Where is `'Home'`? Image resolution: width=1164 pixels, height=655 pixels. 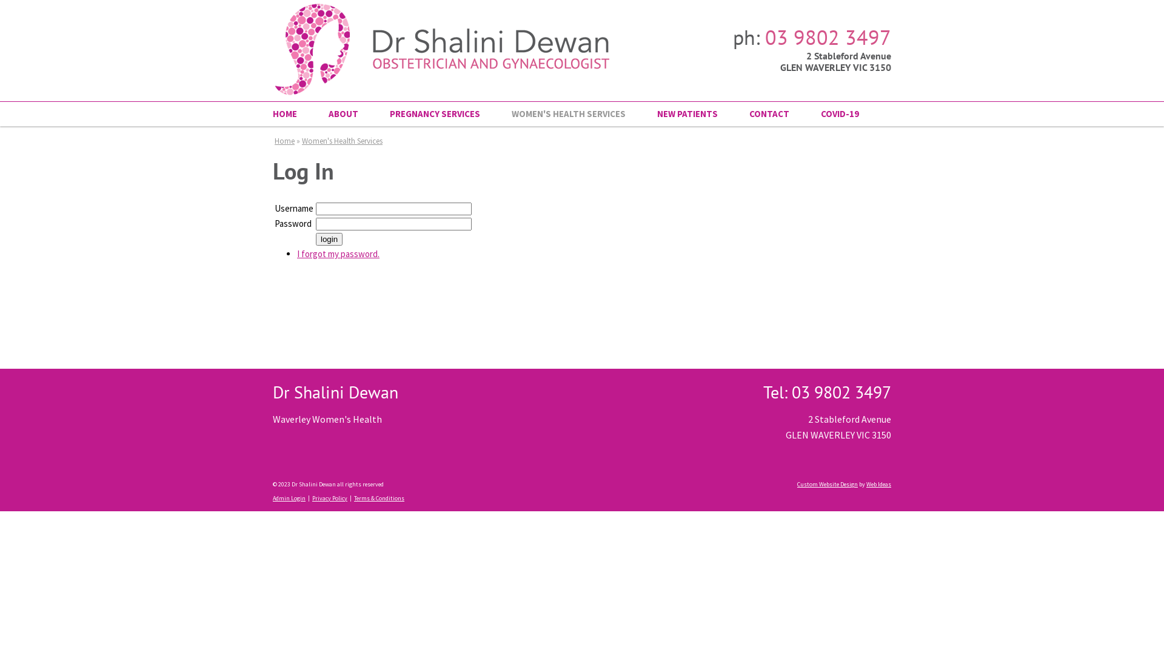
'Home' is located at coordinates (284, 140).